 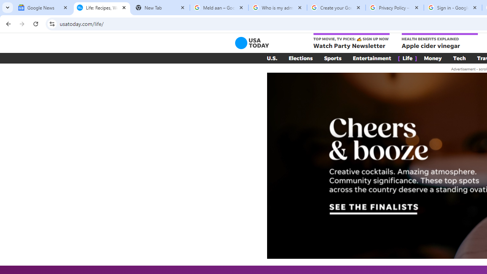 What do you see at coordinates (102, 8) in the screenshot?
I see `'Life: Recipes, Wellness & Horoscopes - USA TODAY'` at bounding box center [102, 8].